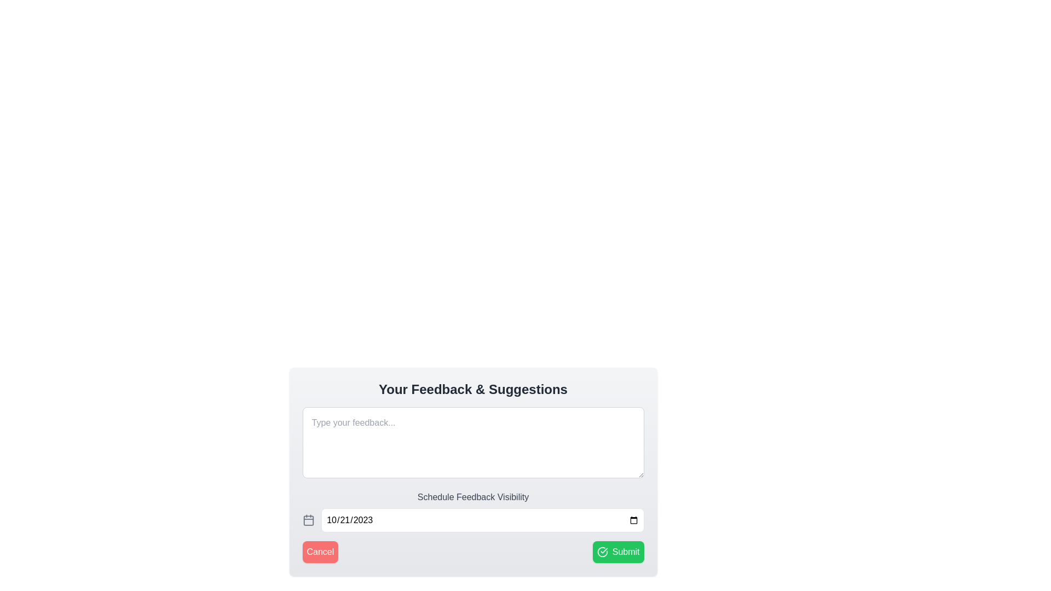 This screenshot has height=591, width=1051. Describe the element at coordinates (308, 520) in the screenshot. I see `the filled background rectangular shape within the calendar icon located to the left of the date selection input box` at that location.